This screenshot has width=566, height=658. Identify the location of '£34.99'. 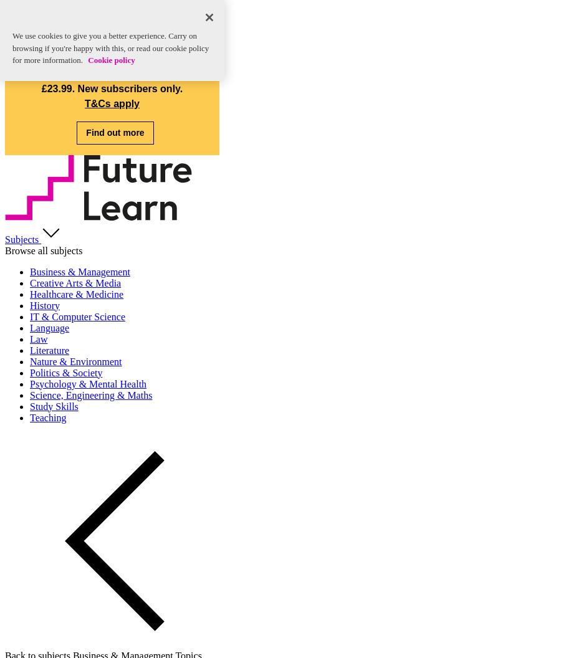
(173, 72).